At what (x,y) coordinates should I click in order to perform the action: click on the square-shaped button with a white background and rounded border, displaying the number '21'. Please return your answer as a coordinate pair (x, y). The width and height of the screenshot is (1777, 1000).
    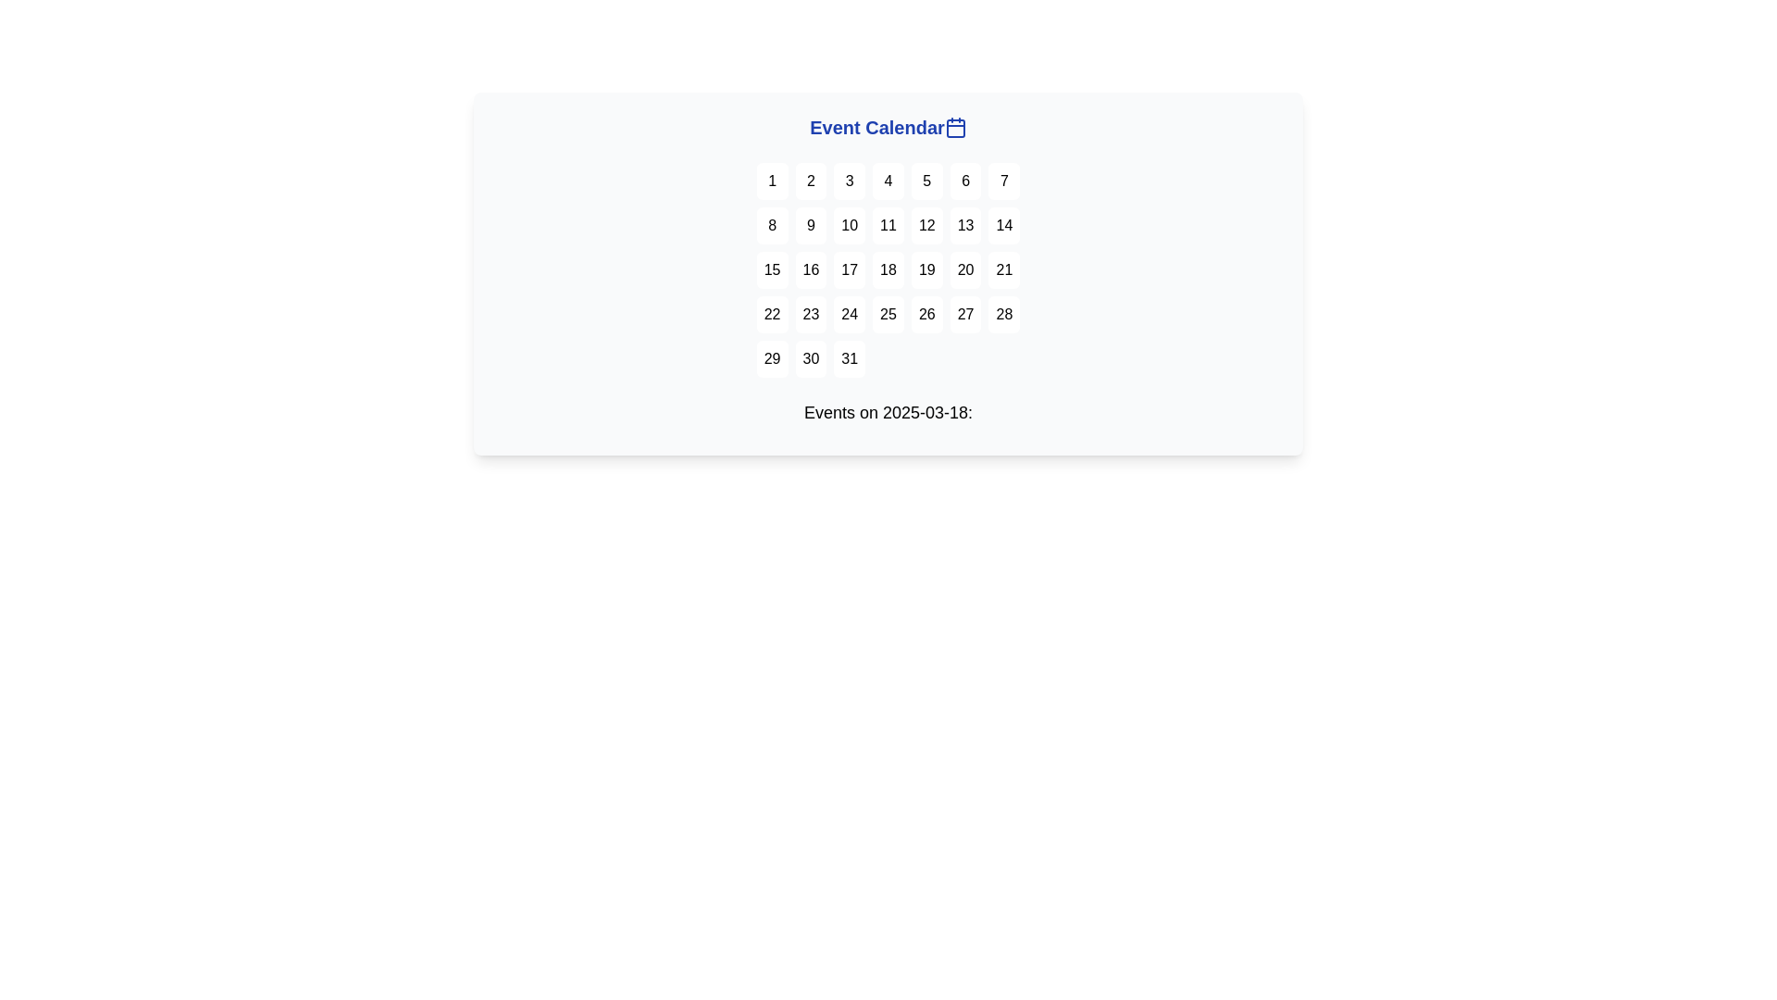
    Looking at the image, I should click on (1003, 270).